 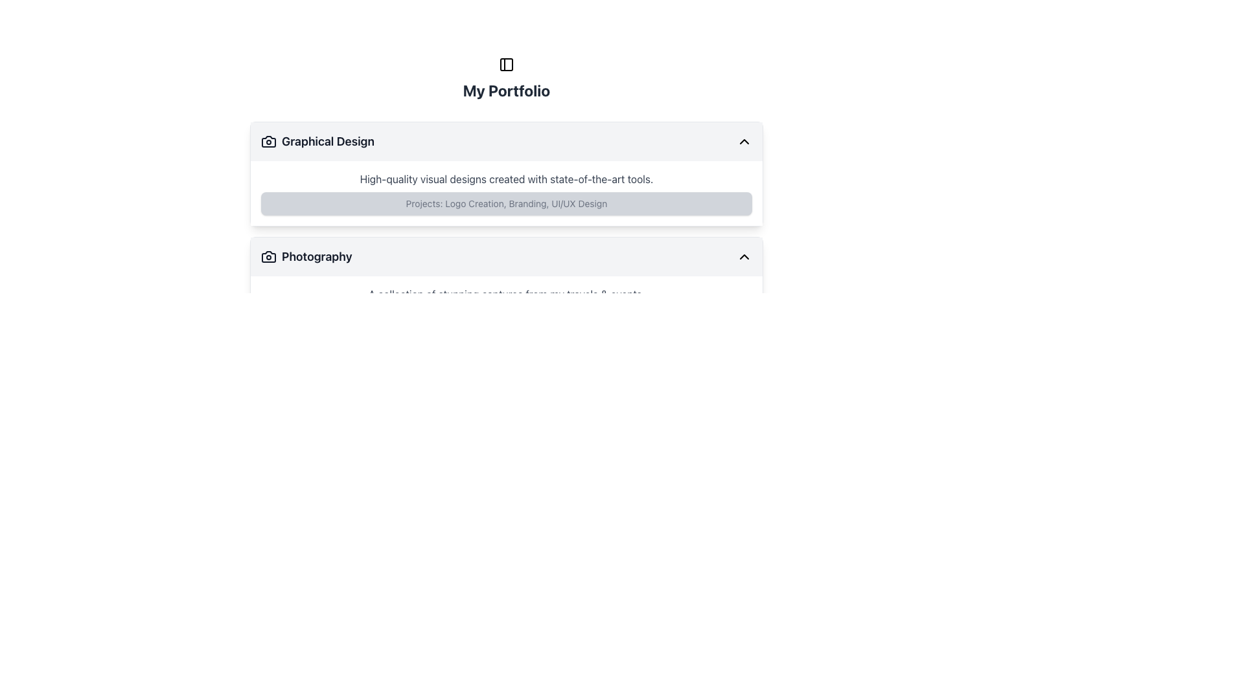 I want to click on the Informational Text Display containing the text 'Projects: Logo Creation, Branding, UI/UX Design' to trigger a tooltip if available, so click(x=506, y=204).